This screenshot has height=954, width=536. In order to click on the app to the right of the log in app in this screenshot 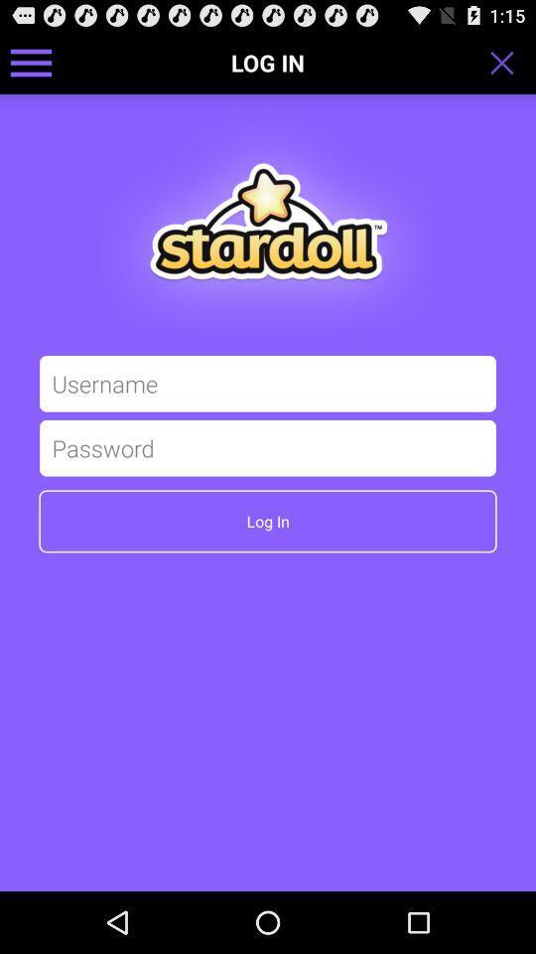, I will do `click(508, 62)`.